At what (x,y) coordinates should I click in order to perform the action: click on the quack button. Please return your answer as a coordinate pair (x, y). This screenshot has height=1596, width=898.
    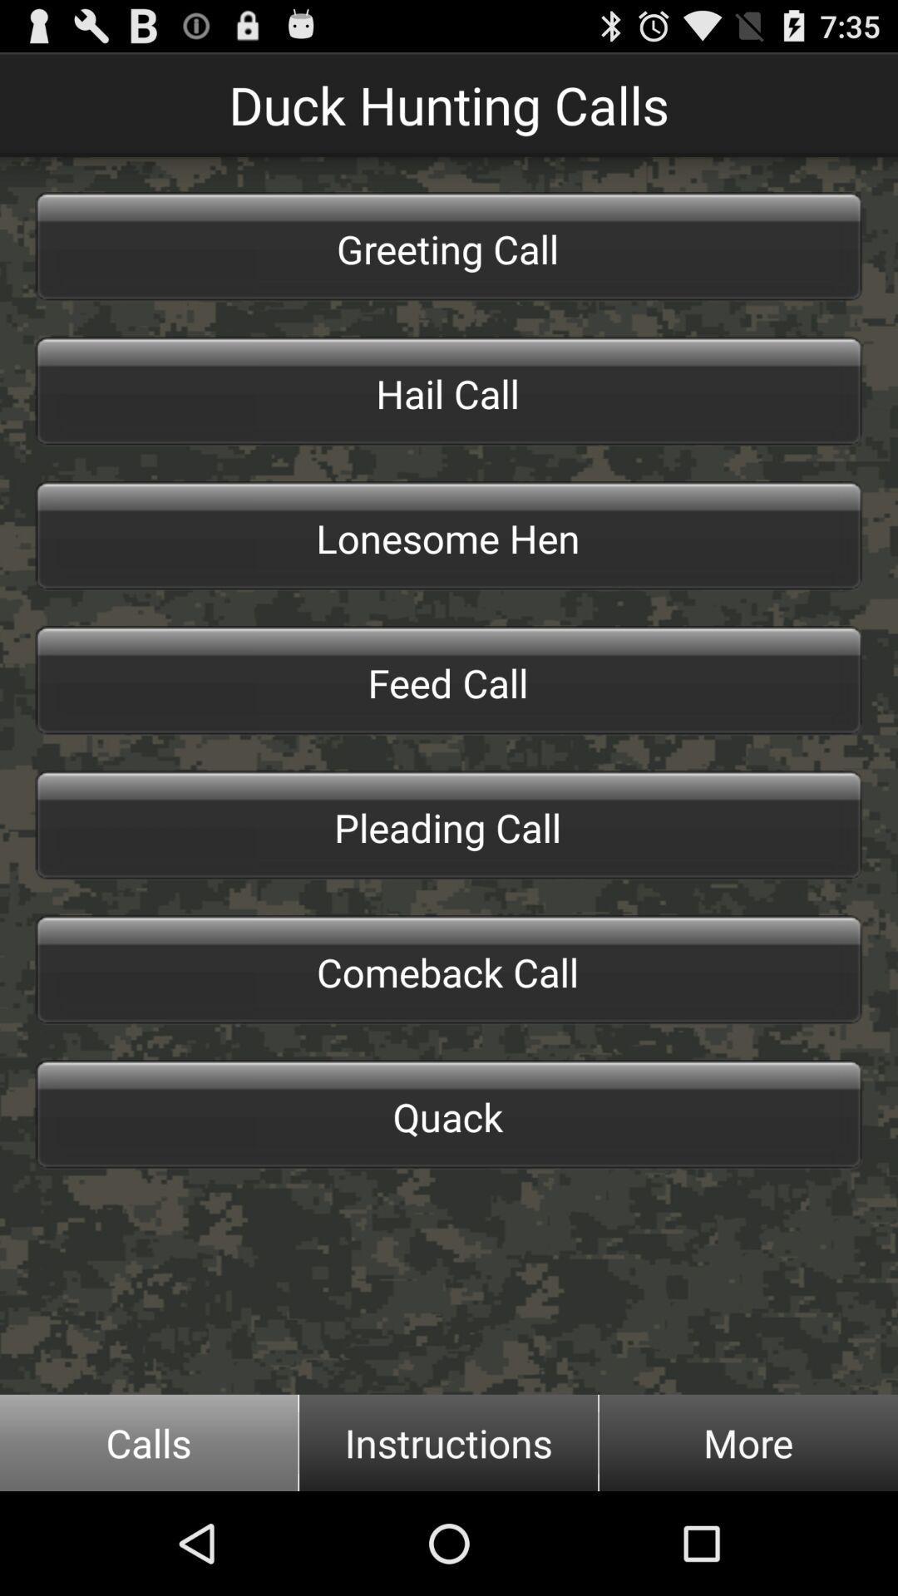
    Looking at the image, I should click on (449, 1114).